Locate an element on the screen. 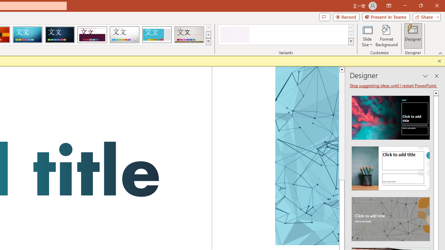 The image size is (445, 250). 'Circuit' is located at coordinates (27, 35).